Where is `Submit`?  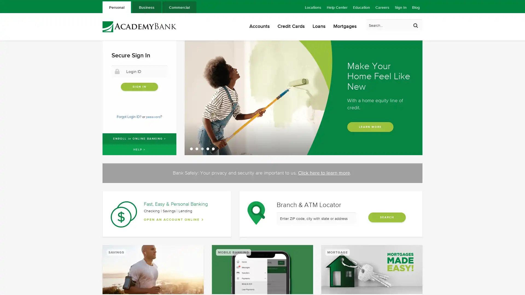
Submit is located at coordinates (416, 25).